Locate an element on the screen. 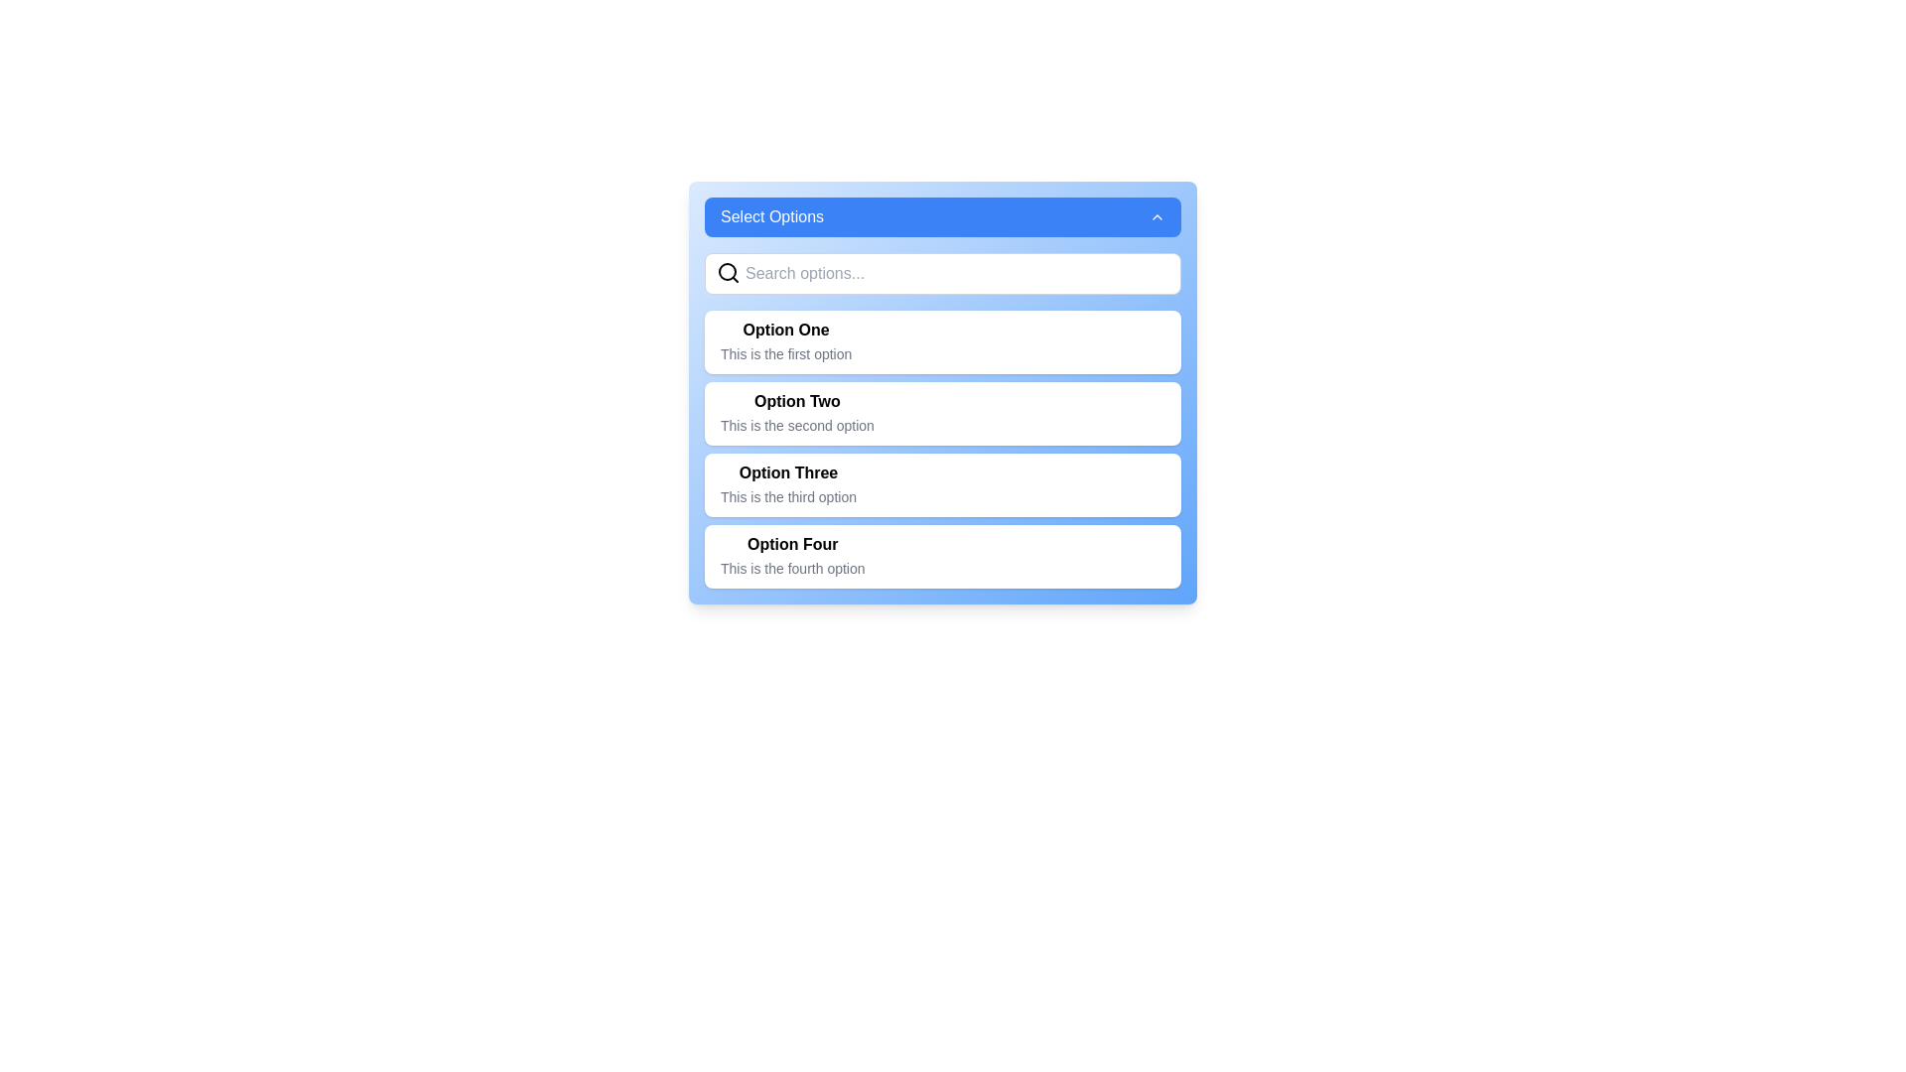  the first selectable list item titled 'Option One' with the subtitle 'This is the first option' is located at coordinates (785, 340).